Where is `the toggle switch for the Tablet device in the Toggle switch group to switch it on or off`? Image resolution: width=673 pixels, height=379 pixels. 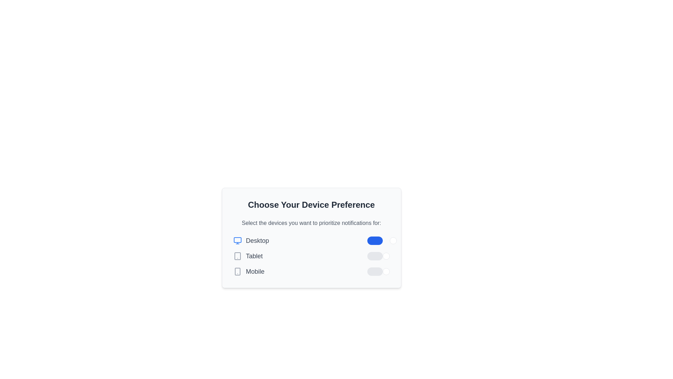
the toggle switch for the Tablet device in the Toggle switch group to switch it on or off is located at coordinates (311, 256).